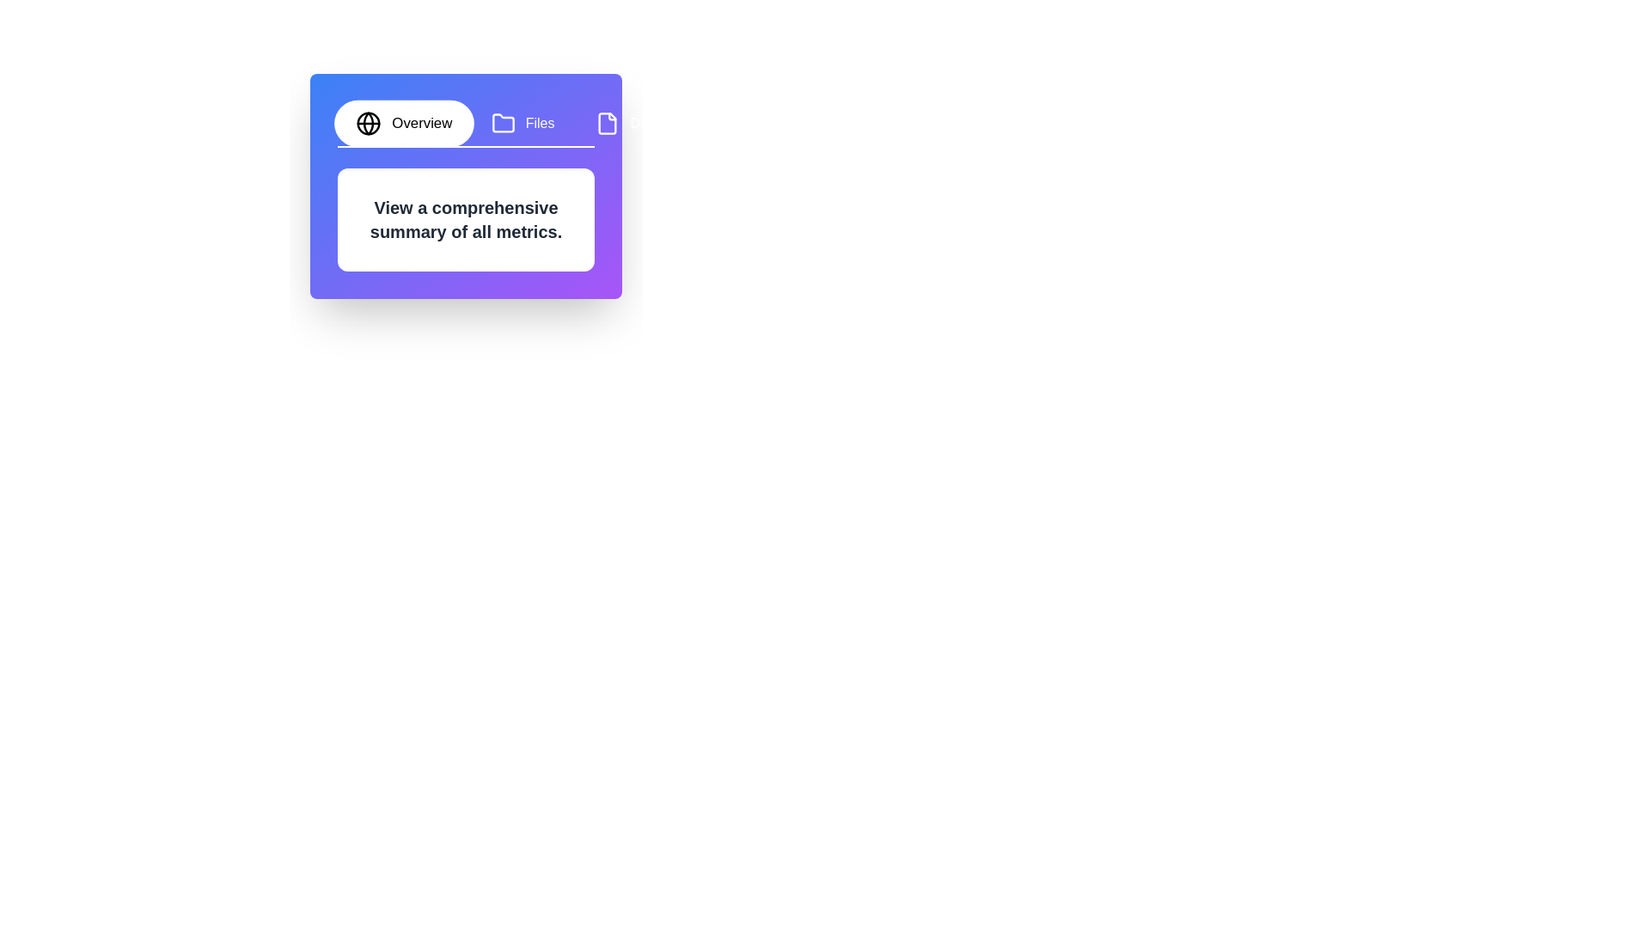 The width and height of the screenshot is (1650, 928). I want to click on the tab labeled Overview to switch to its content, so click(403, 122).